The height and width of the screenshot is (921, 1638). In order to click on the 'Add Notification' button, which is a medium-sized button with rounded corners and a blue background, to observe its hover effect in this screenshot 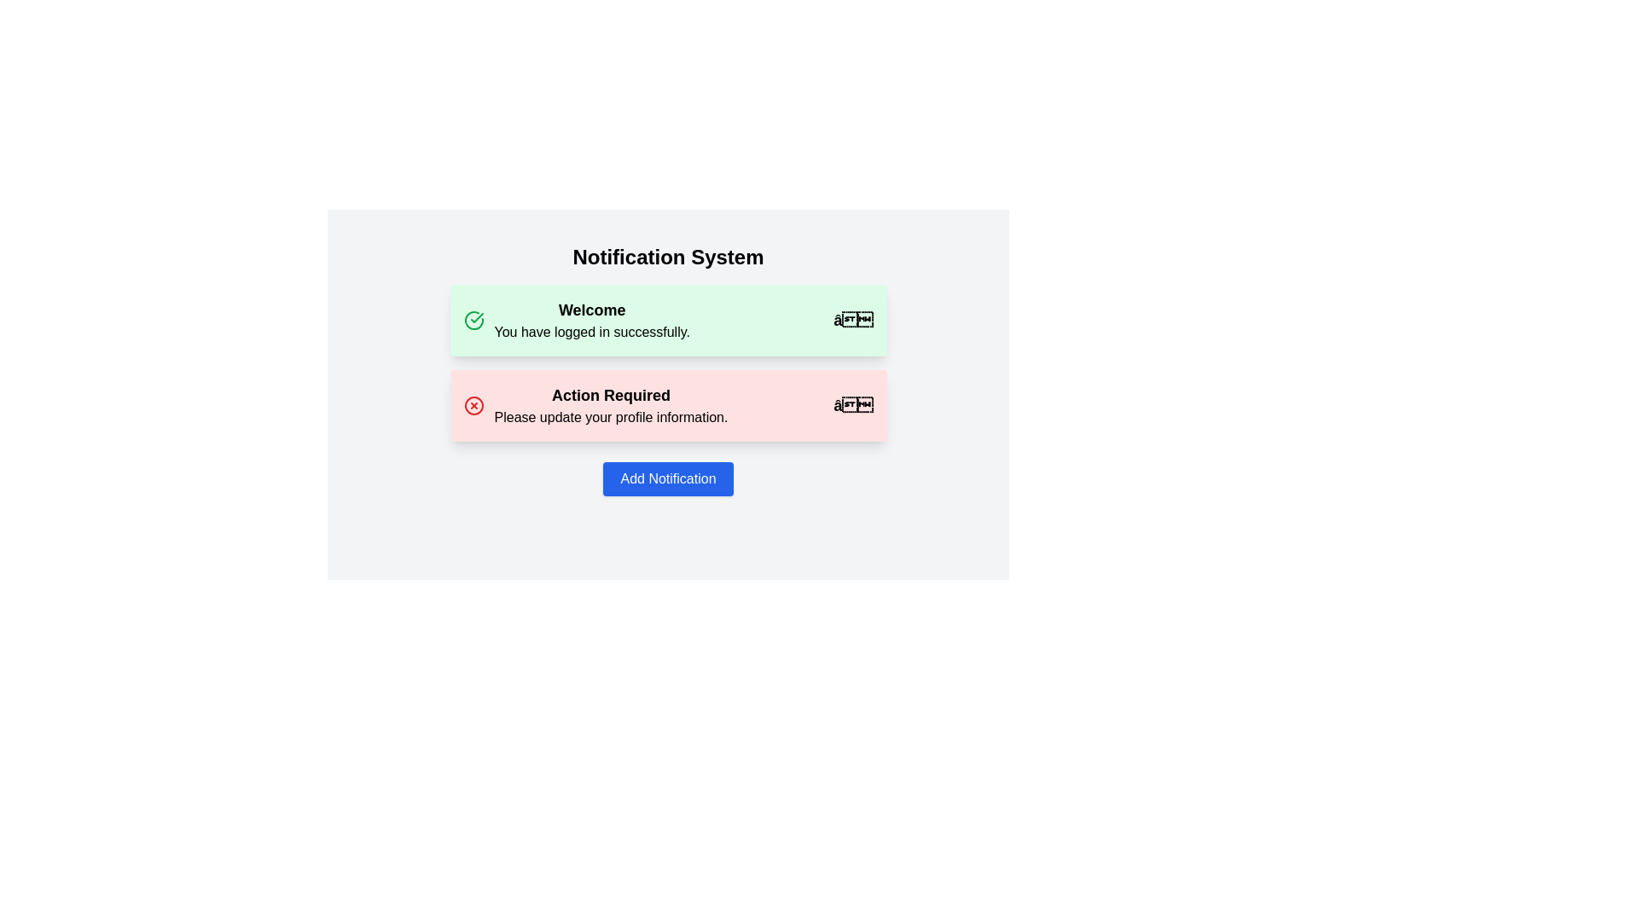, I will do `click(667, 479)`.